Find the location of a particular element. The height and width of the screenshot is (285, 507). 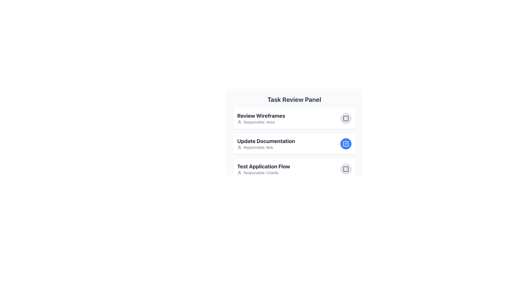

text content of the bold text label 'Test Application Flow' that is located in the third section of a vertically stacked list is located at coordinates (264, 167).